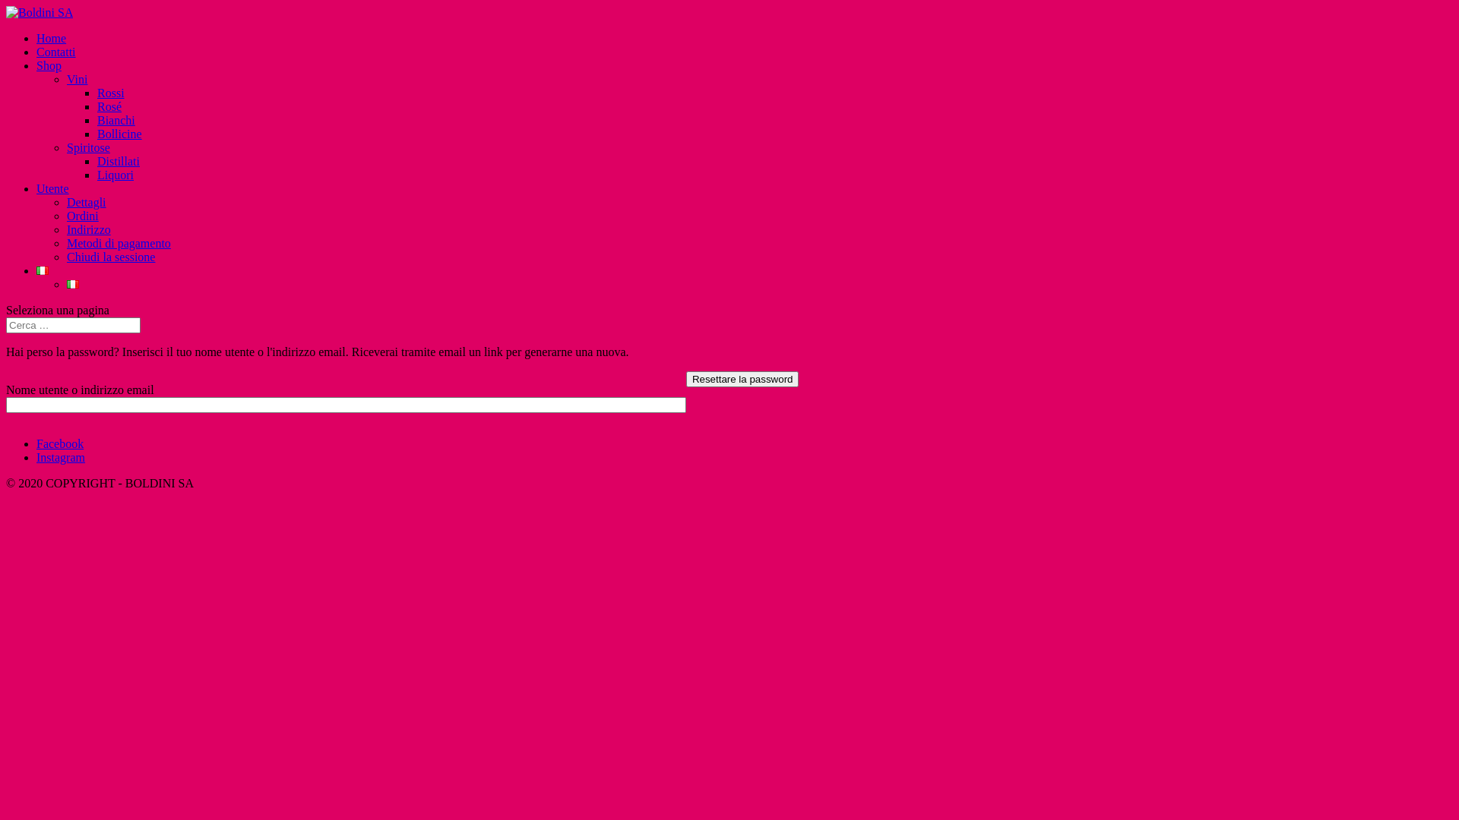 This screenshot has height=820, width=1459. Describe the element at coordinates (76, 79) in the screenshot. I see `'Vini'` at that location.